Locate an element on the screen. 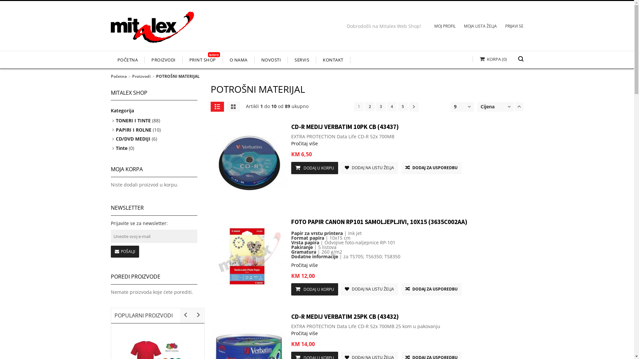  '9' is located at coordinates (455, 106).